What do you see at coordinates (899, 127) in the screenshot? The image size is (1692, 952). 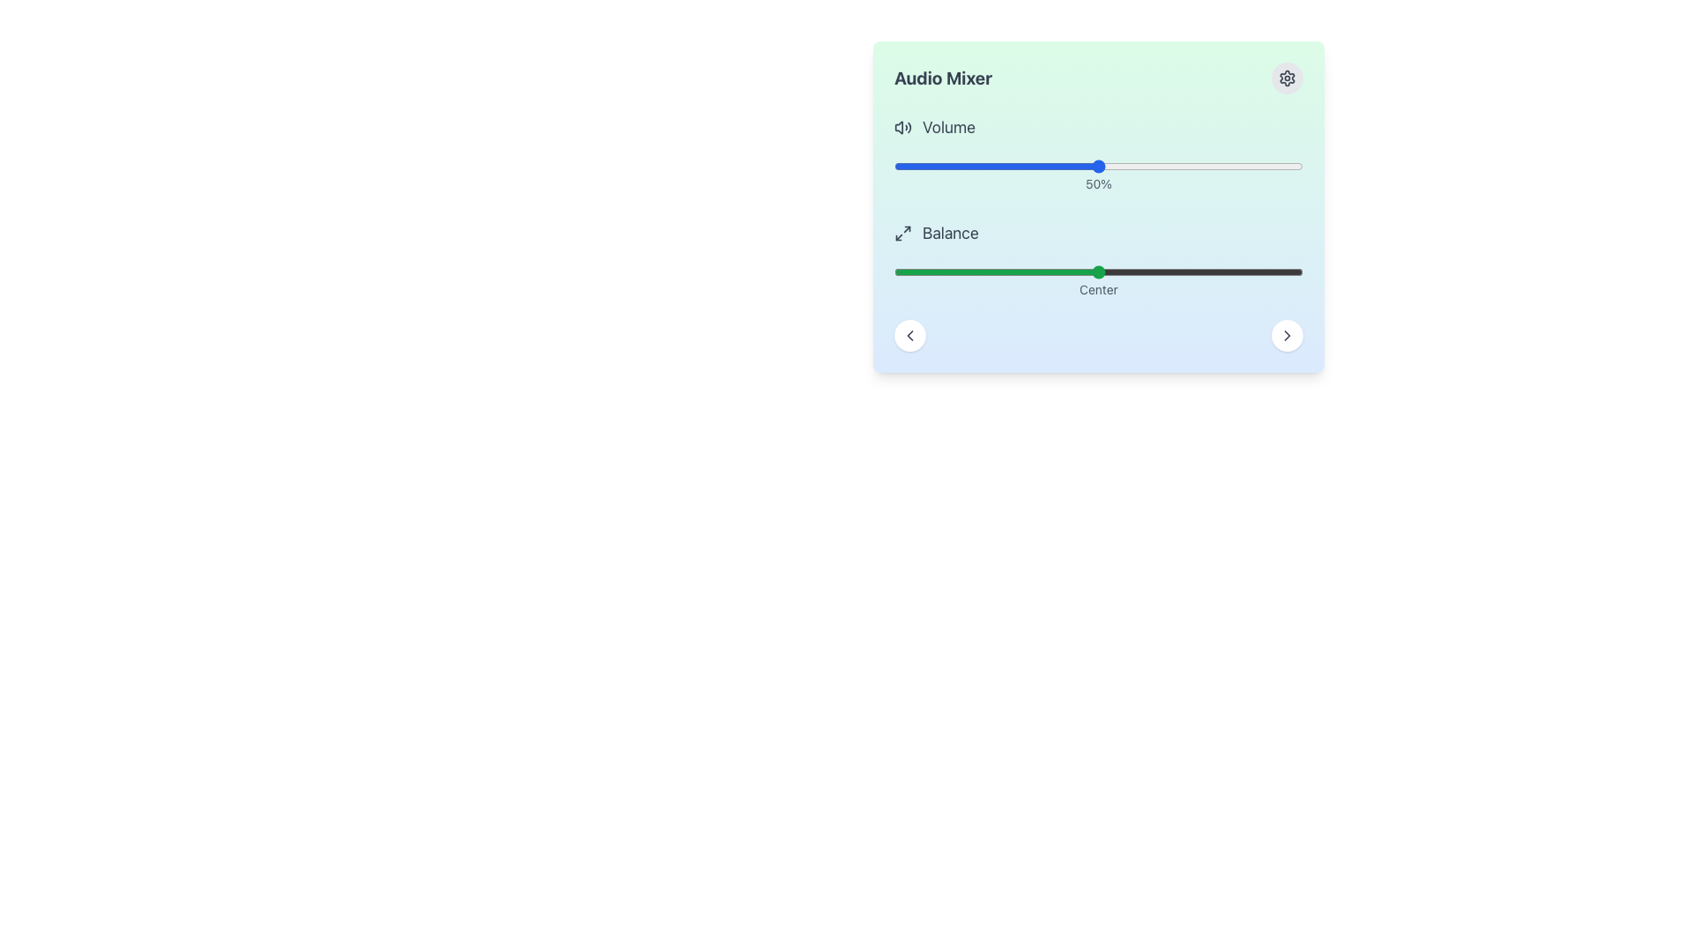 I see `the audio volume control icon, which is represented` at bounding box center [899, 127].